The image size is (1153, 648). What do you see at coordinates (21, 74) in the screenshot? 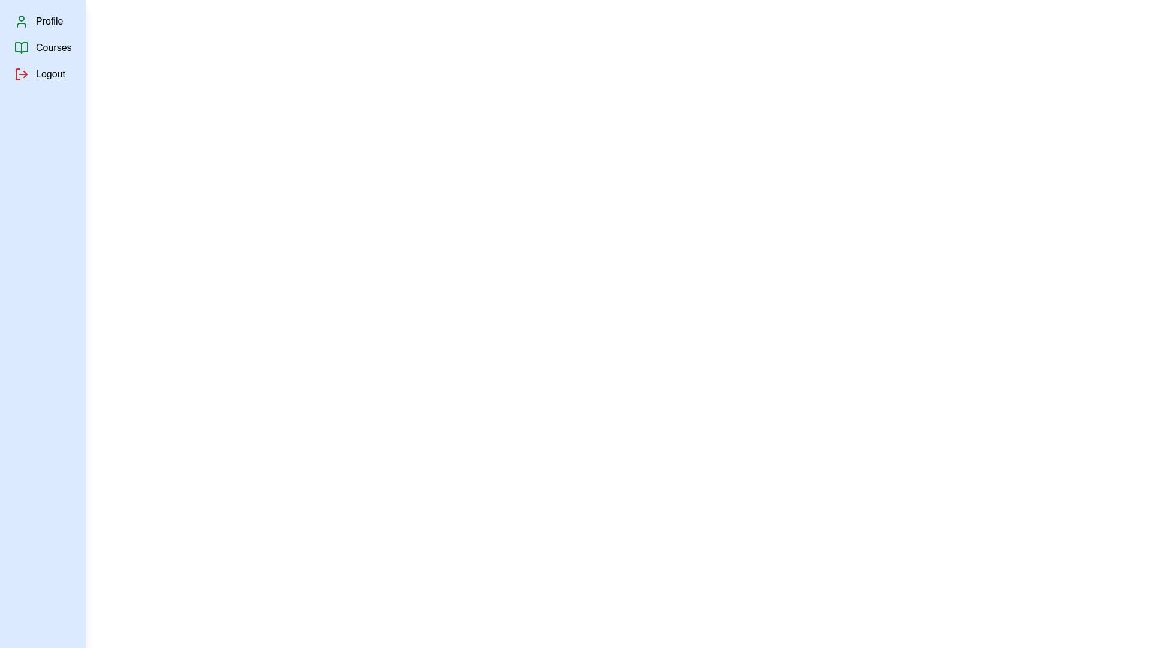
I see `the Logout icon in the sidebar to inspect its functionality` at bounding box center [21, 74].